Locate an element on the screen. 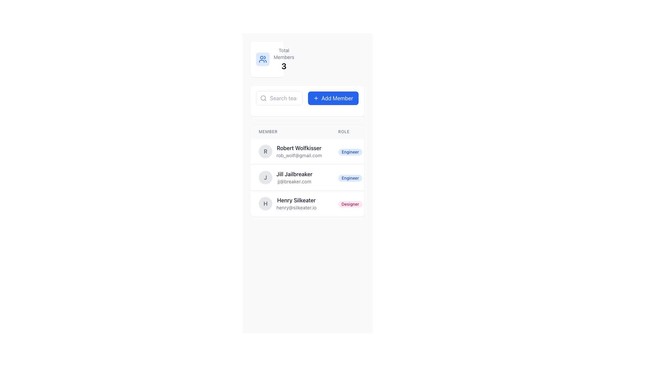  the badge indicating Robert Wolfkisser's role as 'Engineer' in the 'Members' list is located at coordinates (350, 151).